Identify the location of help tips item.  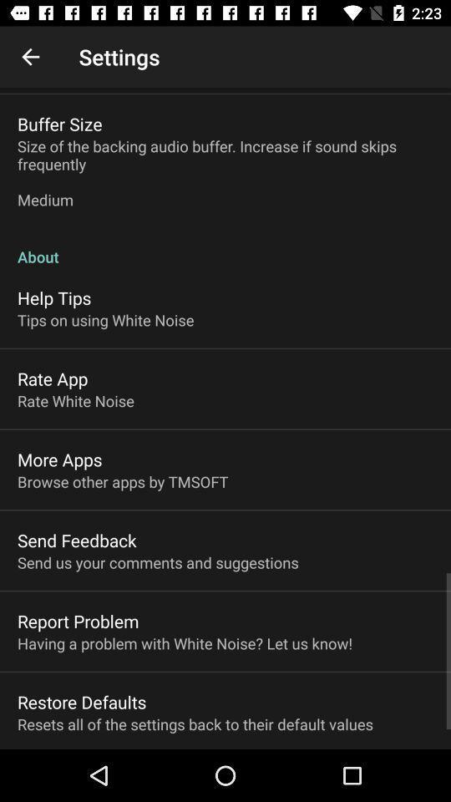
(54, 297).